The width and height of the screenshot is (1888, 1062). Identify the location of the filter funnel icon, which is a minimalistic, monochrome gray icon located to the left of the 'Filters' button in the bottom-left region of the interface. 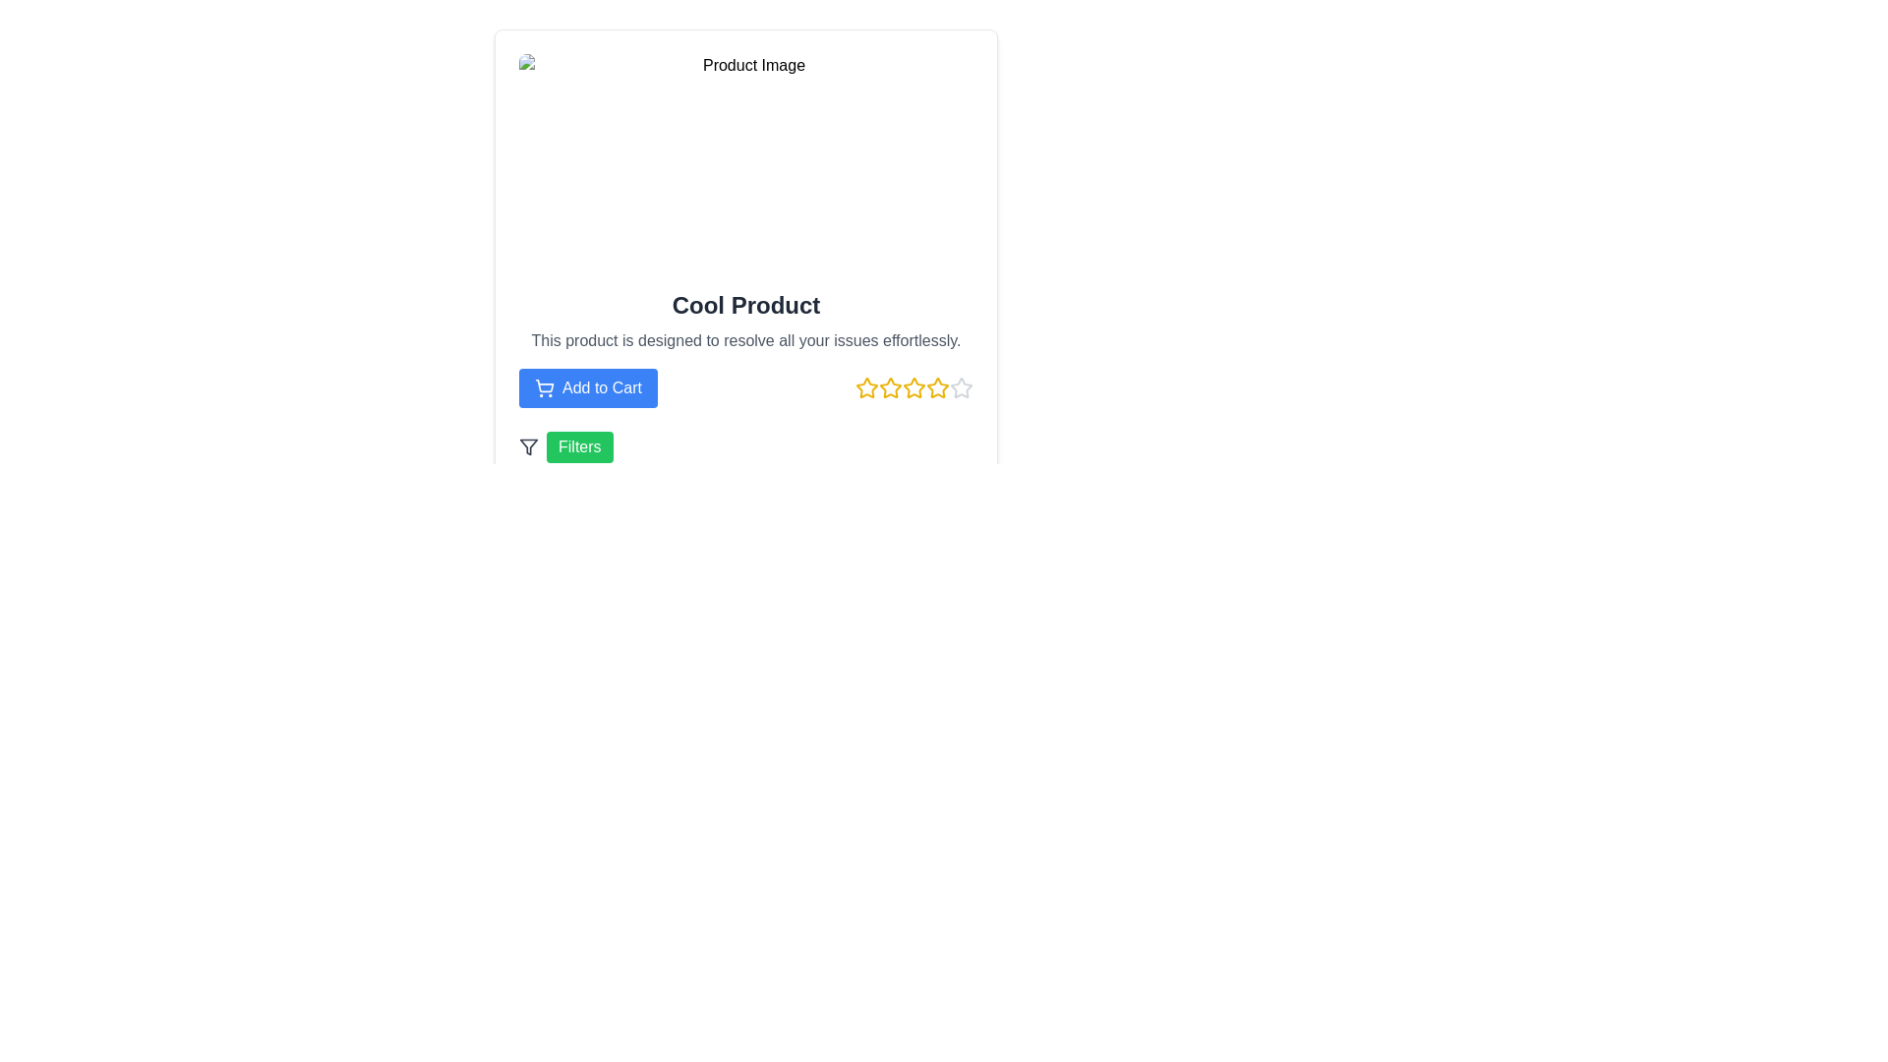
(528, 447).